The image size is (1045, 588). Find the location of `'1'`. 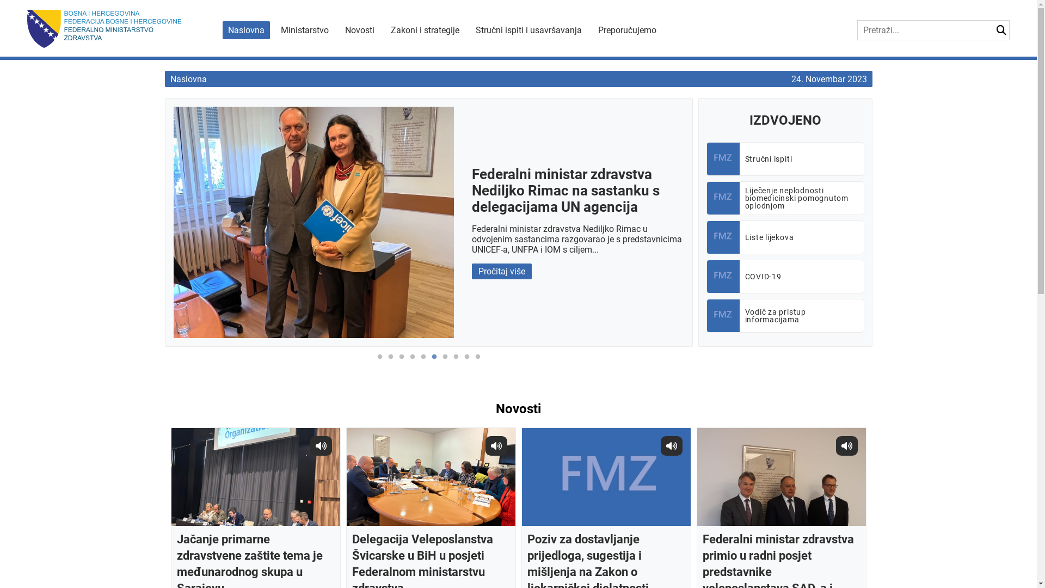

'1' is located at coordinates (374, 363).